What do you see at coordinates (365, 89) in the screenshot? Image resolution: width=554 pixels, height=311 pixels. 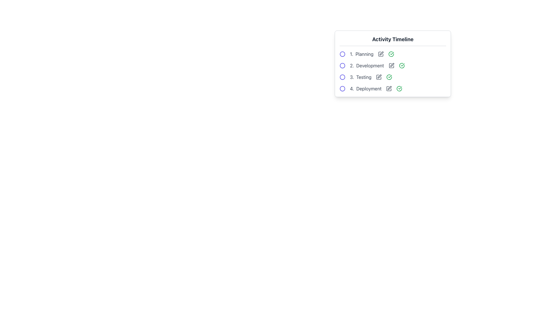 I see `the text label or step marker that reads '4. Deployment', which is styled in gray and is the fourth item in the 'Activity Timeline' sequence` at bounding box center [365, 89].